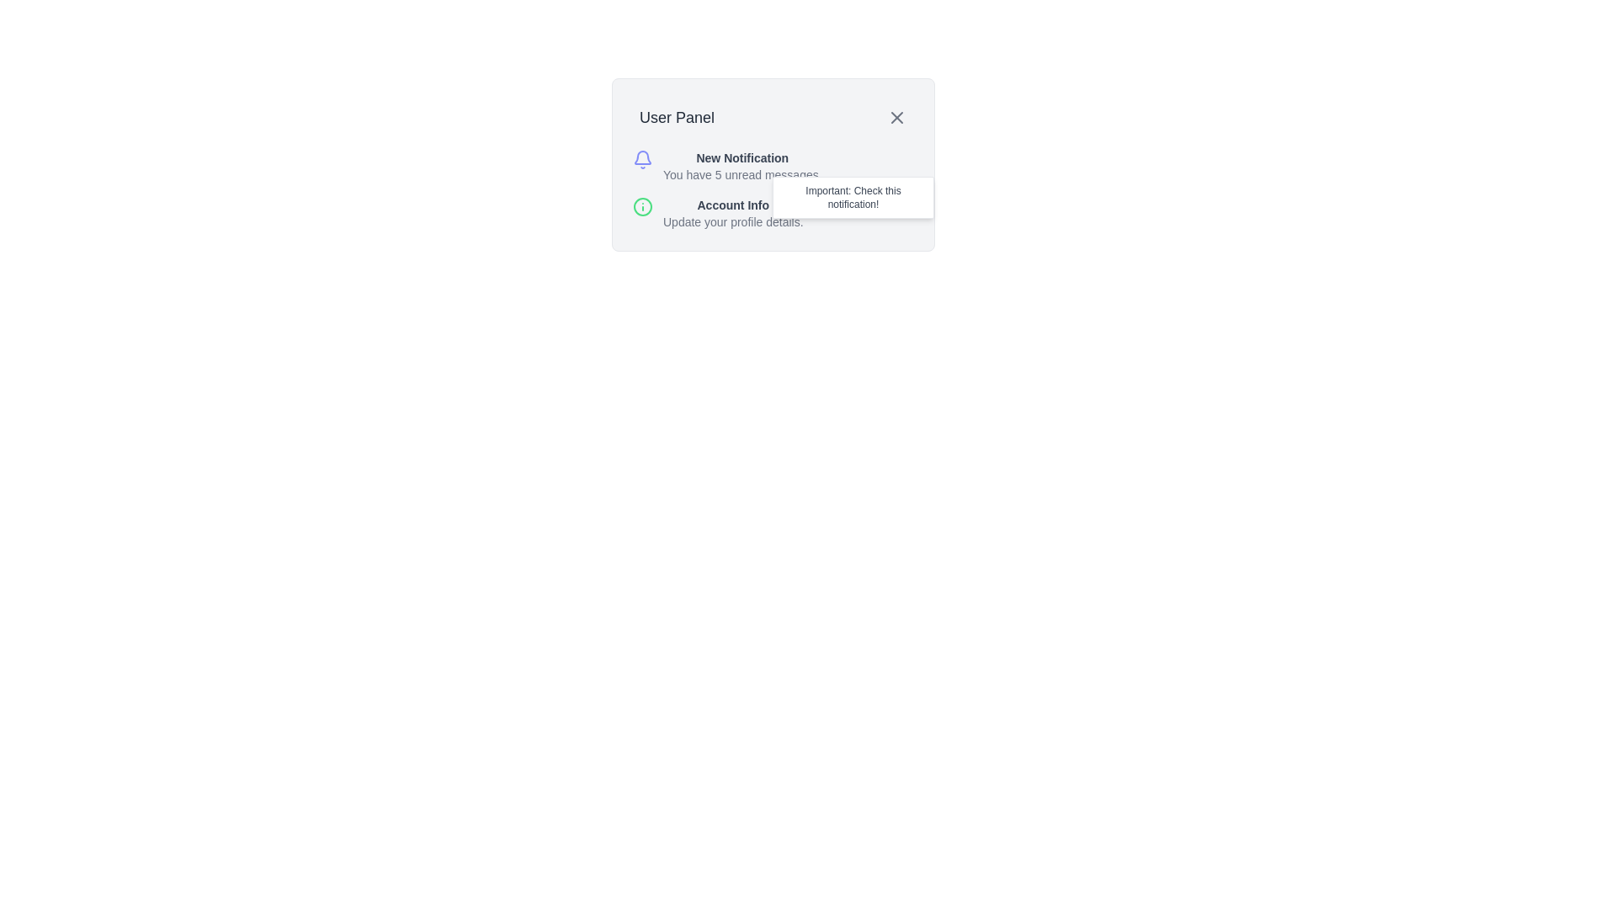 This screenshot has width=1616, height=909. Describe the element at coordinates (853, 197) in the screenshot. I see `notification message displayed in the notification message box located in the top-right section of the interface, adjacent to the 'New Notification' label` at that location.